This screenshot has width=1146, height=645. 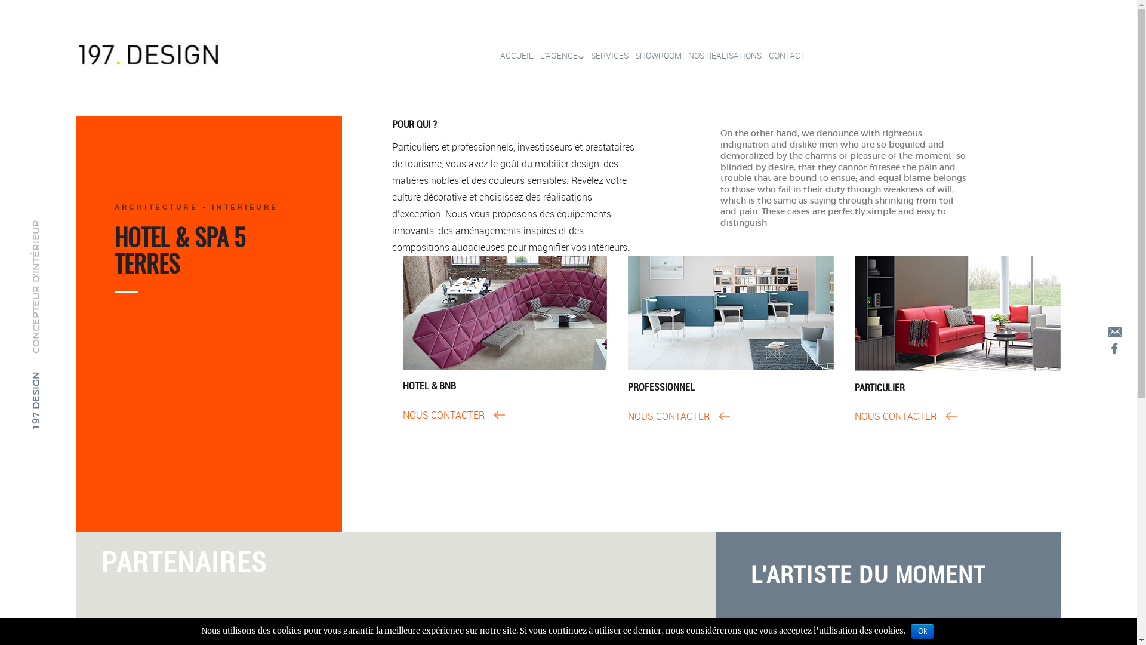 What do you see at coordinates (1114, 331) in the screenshot?
I see `'contact 197.design'` at bounding box center [1114, 331].